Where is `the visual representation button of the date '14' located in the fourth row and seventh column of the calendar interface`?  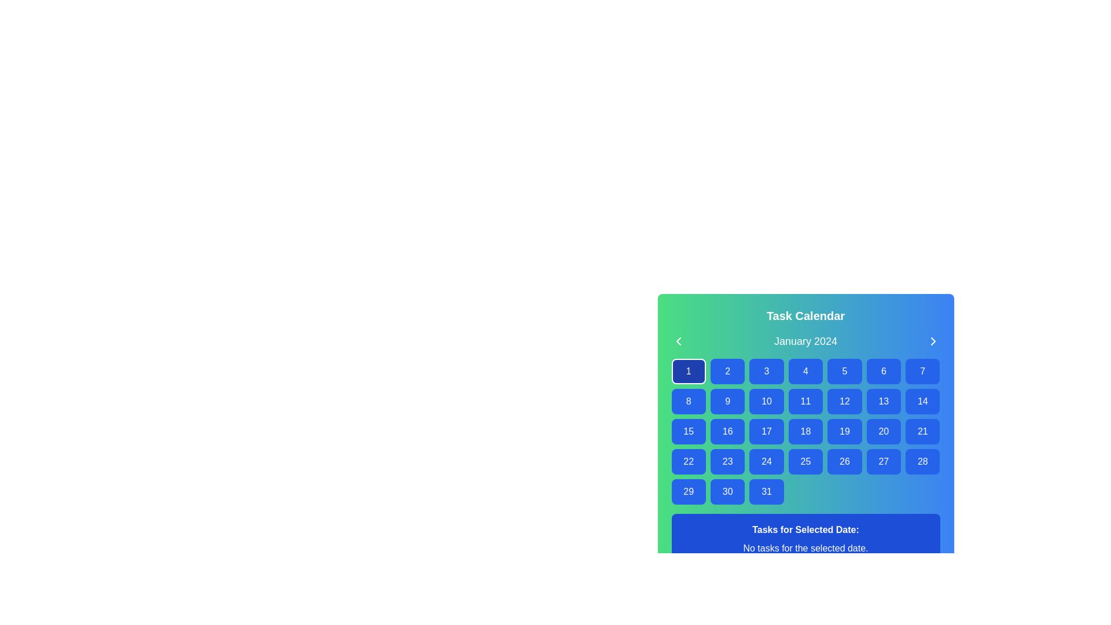
the visual representation button of the date '14' located in the fourth row and seventh column of the calendar interface is located at coordinates (922, 401).